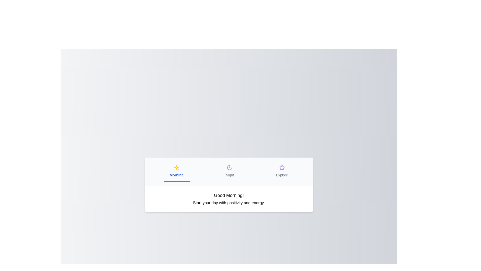 The image size is (481, 271). Describe the element at coordinates (229, 171) in the screenshot. I see `the tab labeled Night to switch to its content` at that location.